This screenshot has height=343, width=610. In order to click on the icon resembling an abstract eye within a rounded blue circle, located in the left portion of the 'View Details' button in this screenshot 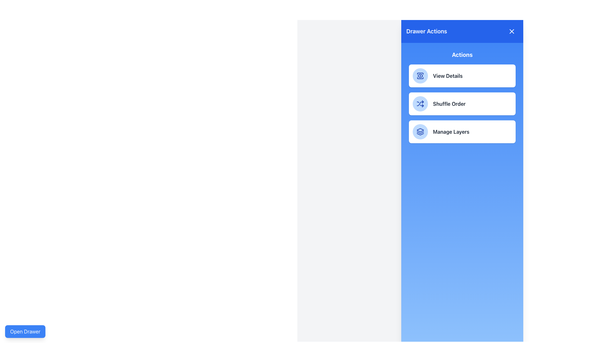, I will do `click(420, 76)`.